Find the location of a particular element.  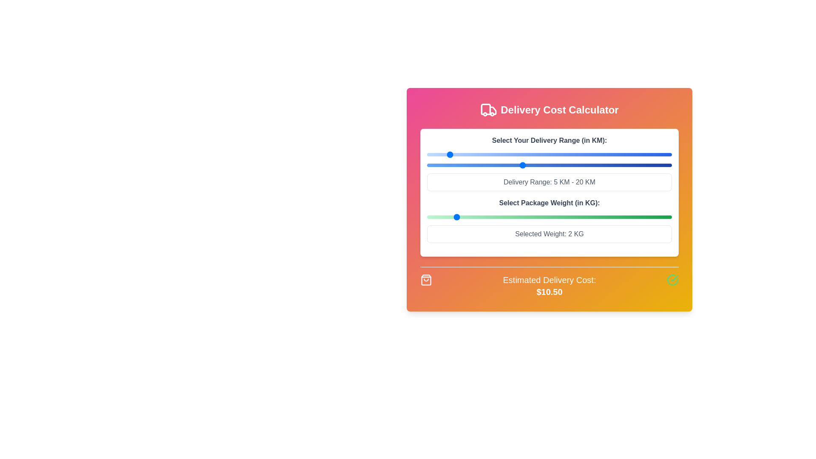

delivery range is located at coordinates (451, 165).